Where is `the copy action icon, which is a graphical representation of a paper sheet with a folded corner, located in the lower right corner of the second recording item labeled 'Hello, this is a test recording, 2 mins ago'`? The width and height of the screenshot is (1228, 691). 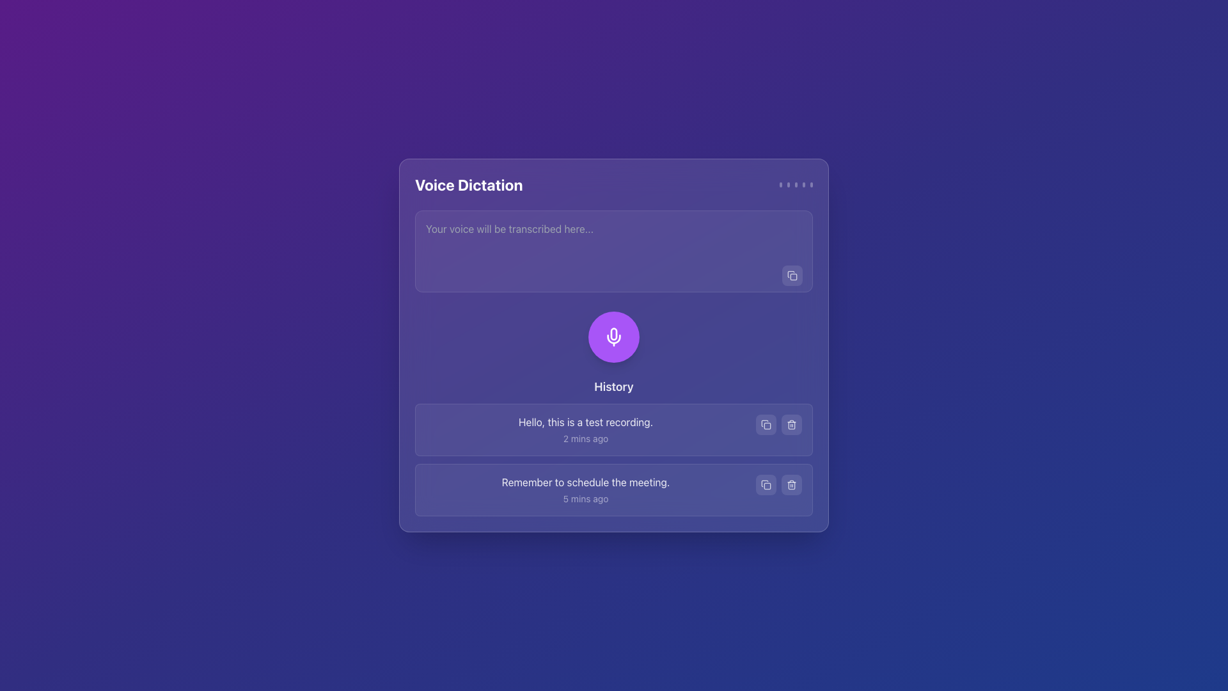
the copy action icon, which is a graphical representation of a paper sheet with a folded corner, located in the lower right corner of the second recording item labeled 'Hello, this is a test recording, 2 mins ago' is located at coordinates (764, 424).